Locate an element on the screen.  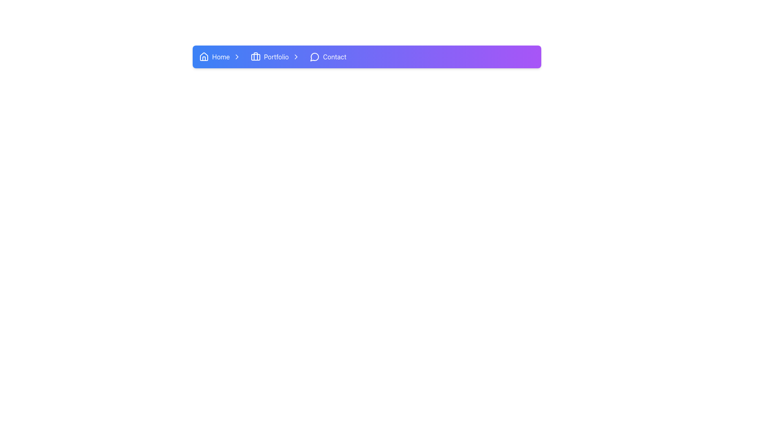
the Anchor element in the navigation bar that redirects to the homepage is located at coordinates (222, 56).